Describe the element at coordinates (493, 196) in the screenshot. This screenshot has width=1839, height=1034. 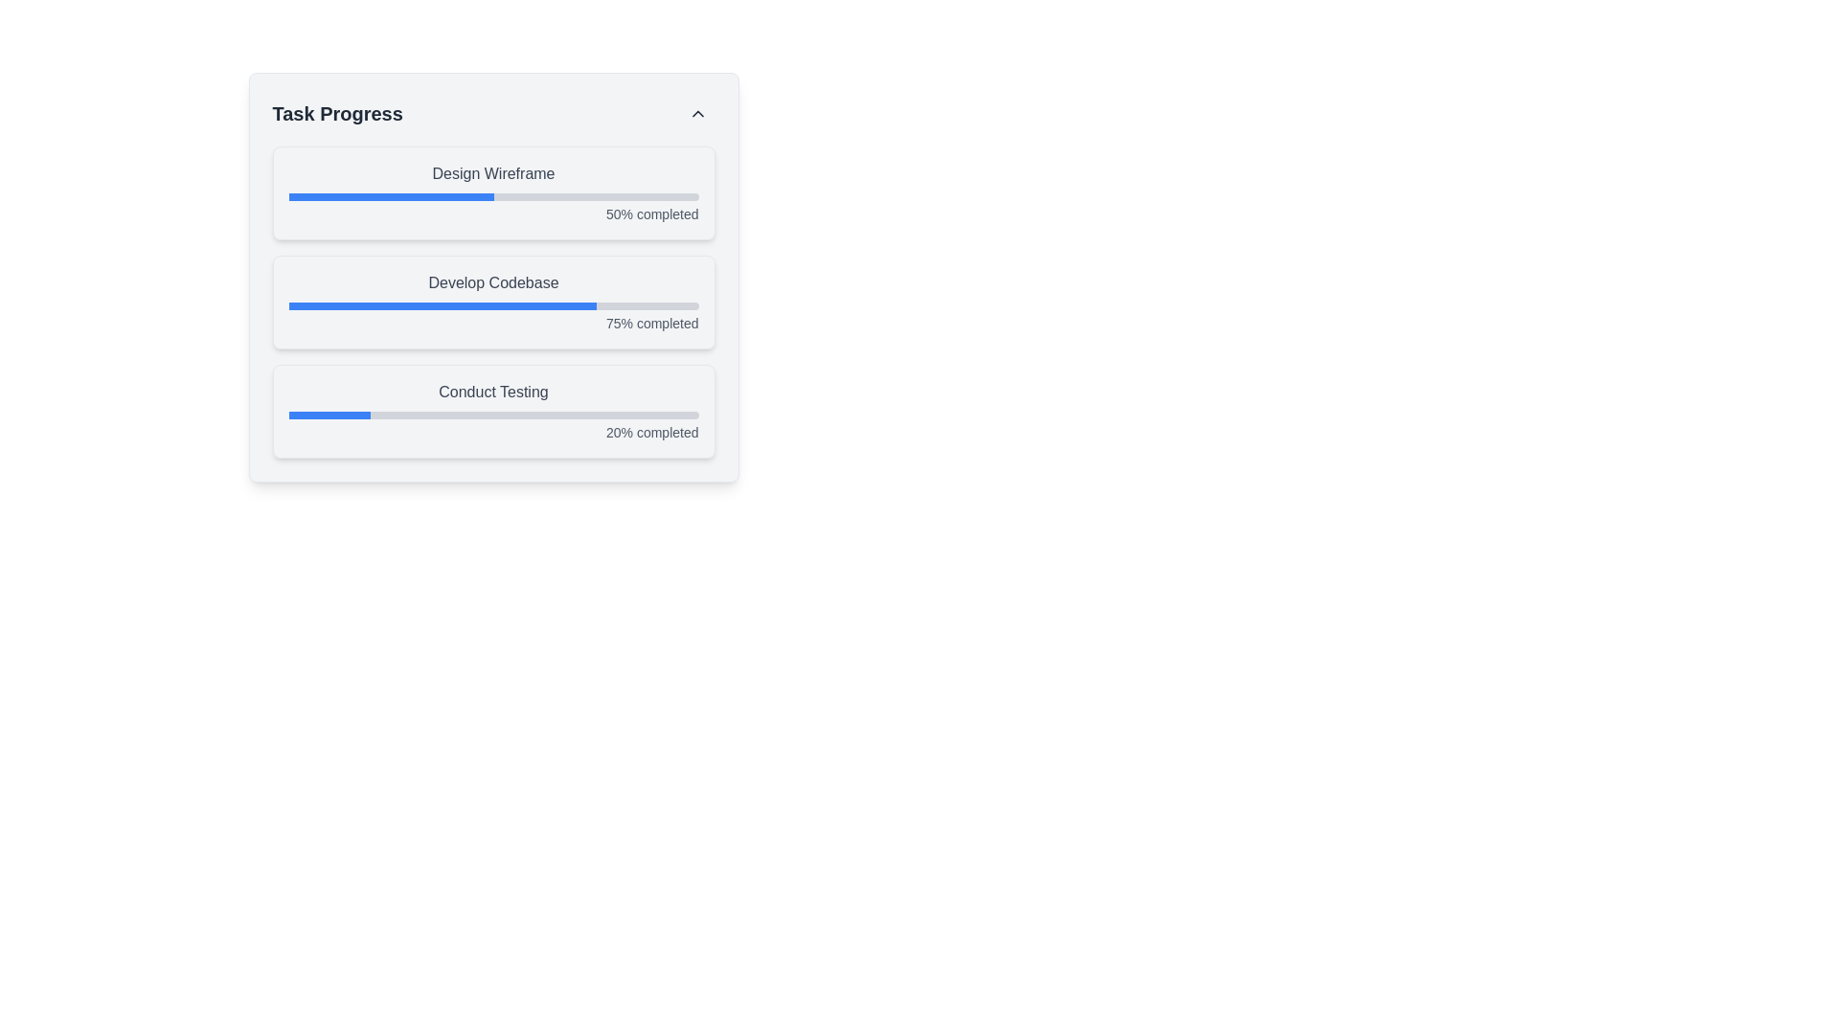
I see `the progress bar indicating completion under the 'Design Wireframe' label, which is visually represented with a light gray background and a blue-filled section` at that location.